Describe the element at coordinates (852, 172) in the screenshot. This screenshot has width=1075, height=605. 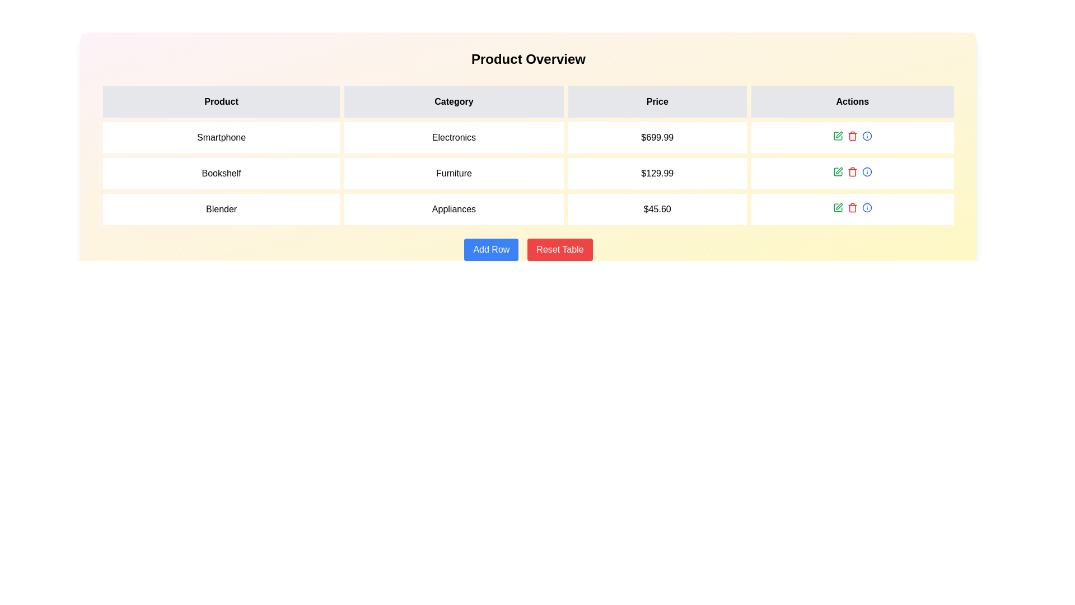
I see `the second icon from the left in the 'Actions' column of the second row in the data table, which is designated for item deletion` at that location.